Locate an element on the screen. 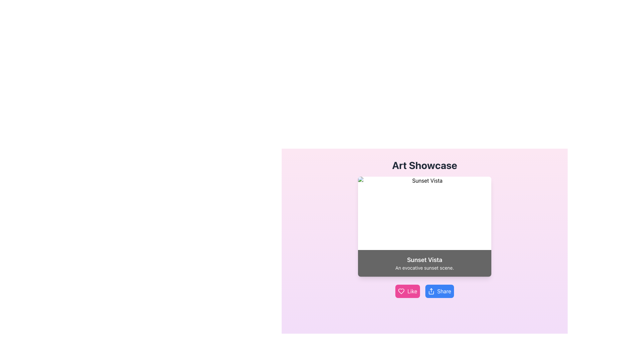 The width and height of the screenshot is (640, 360). the SVG share icon located within the blue 'Share' button at the bottom-right of the interface is located at coordinates (431, 291).